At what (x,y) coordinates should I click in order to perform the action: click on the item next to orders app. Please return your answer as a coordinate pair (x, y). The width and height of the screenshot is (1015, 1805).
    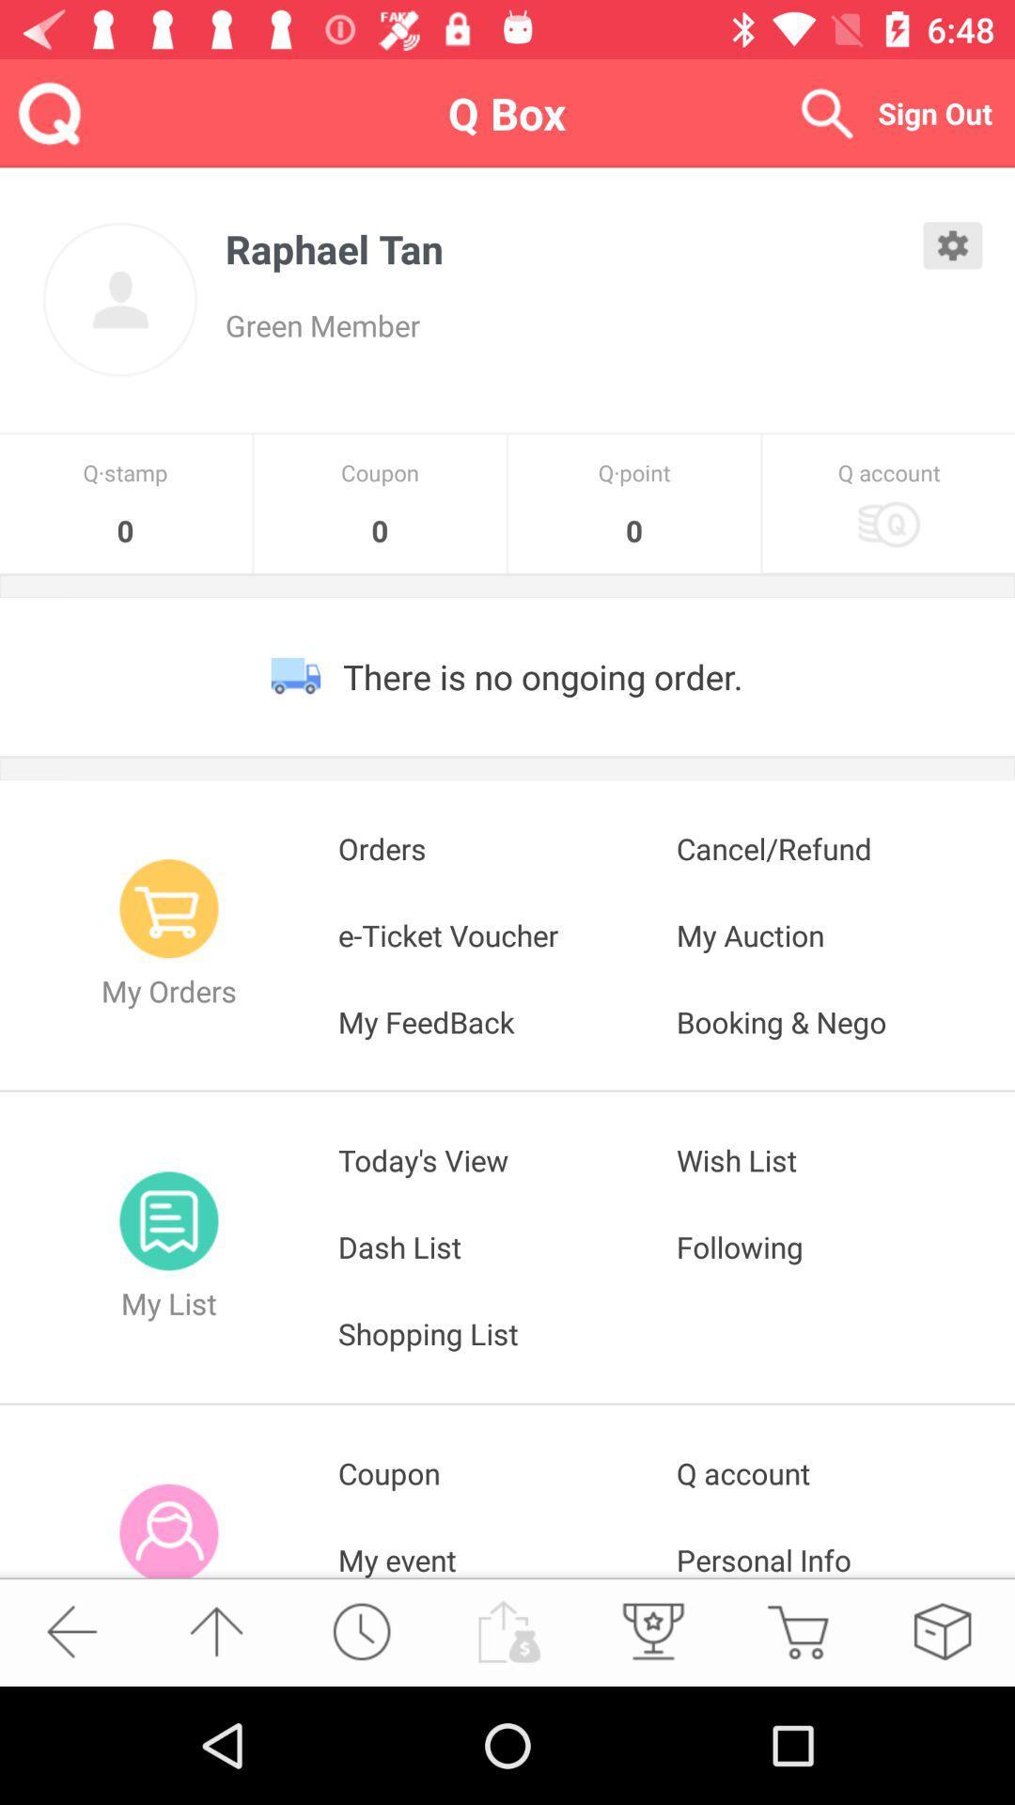
    Looking at the image, I should click on (844, 934).